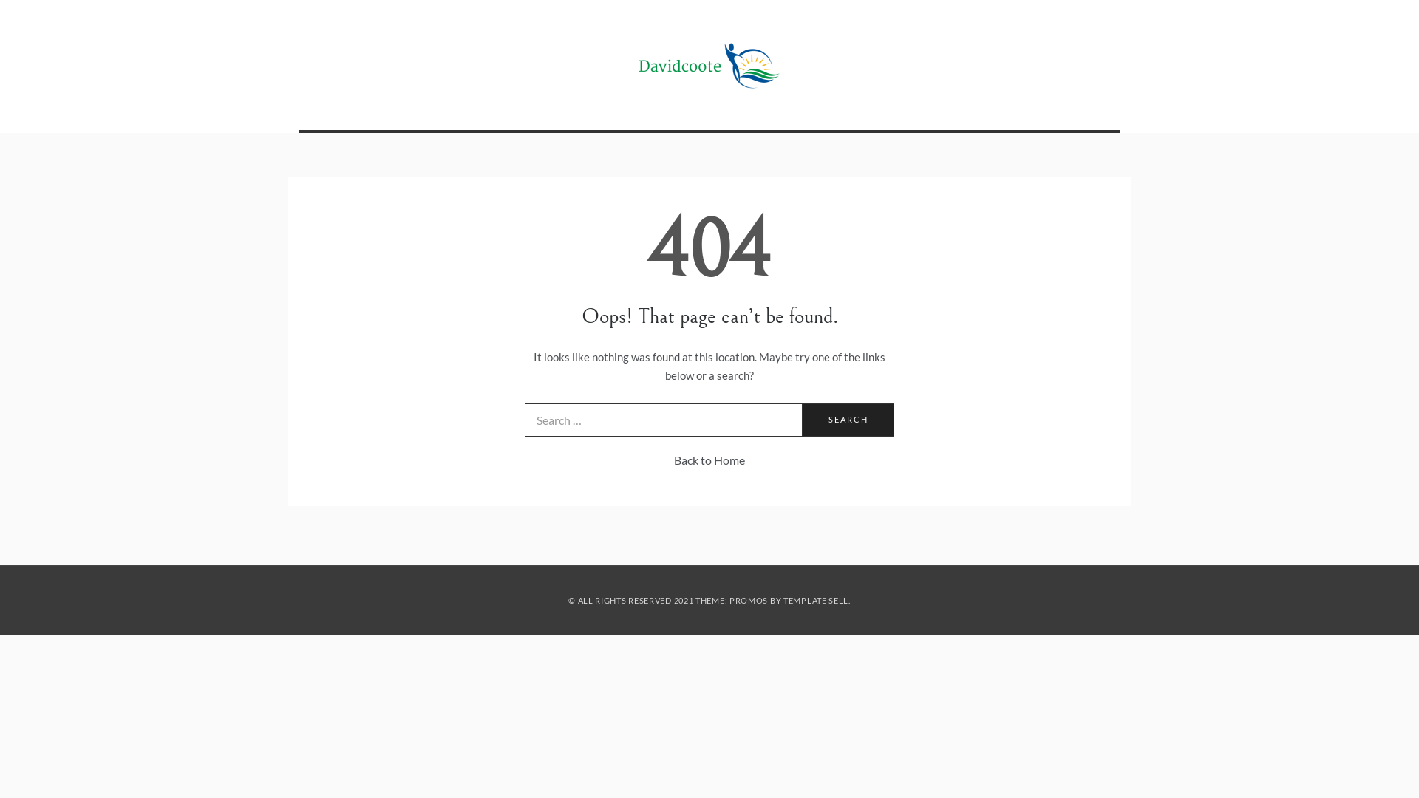  Describe the element at coordinates (815, 600) in the screenshot. I see `'TEMPLATE SELL'` at that location.